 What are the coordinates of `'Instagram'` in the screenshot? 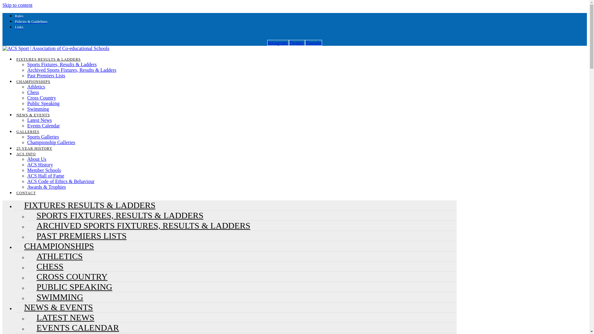 It's located at (278, 42).